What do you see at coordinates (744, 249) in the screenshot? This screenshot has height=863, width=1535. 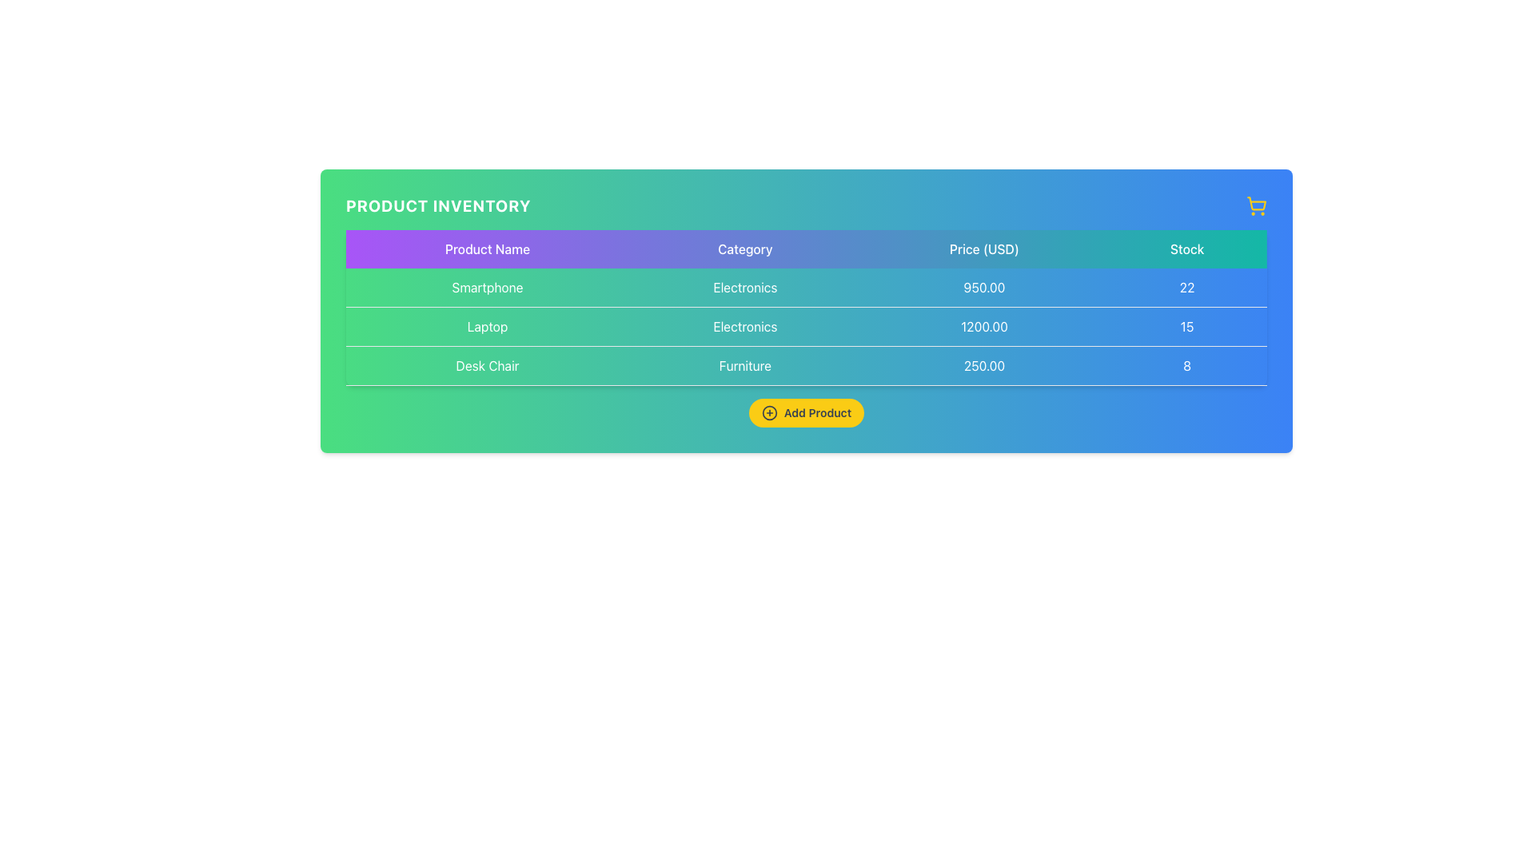 I see `the column header Label that indicates the category for inventory items, positioned between 'Product Name' and 'Price (USD)'` at bounding box center [744, 249].